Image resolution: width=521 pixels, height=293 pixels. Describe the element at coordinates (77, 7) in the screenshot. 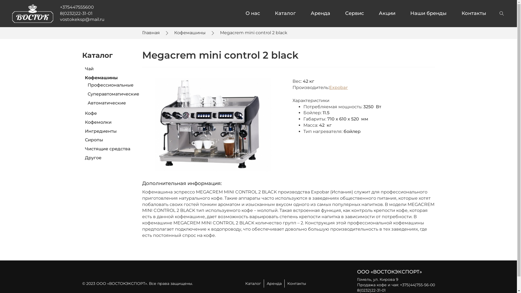

I see `'+375447555600'` at that location.